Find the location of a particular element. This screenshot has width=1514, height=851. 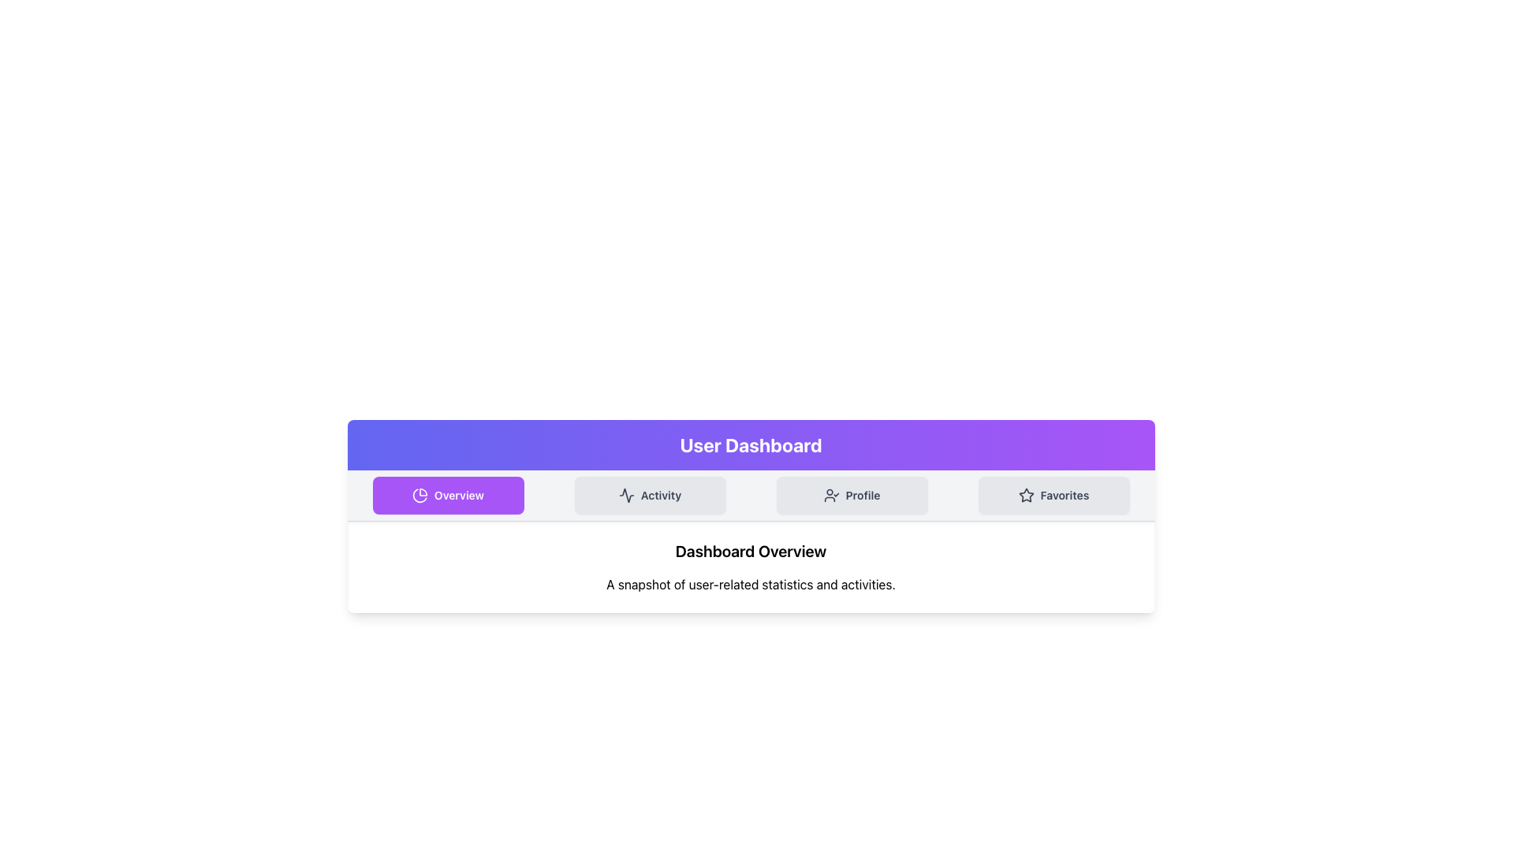

static text displaying 'A snapshot of user-related statistics and activities.' positioned below the 'Dashboard Overview' header is located at coordinates (750, 584).